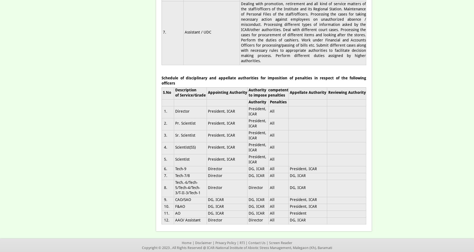 Image resolution: width=474 pixels, height=252 pixels. I want to click on 'Appointing Authority', so click(227, 92).